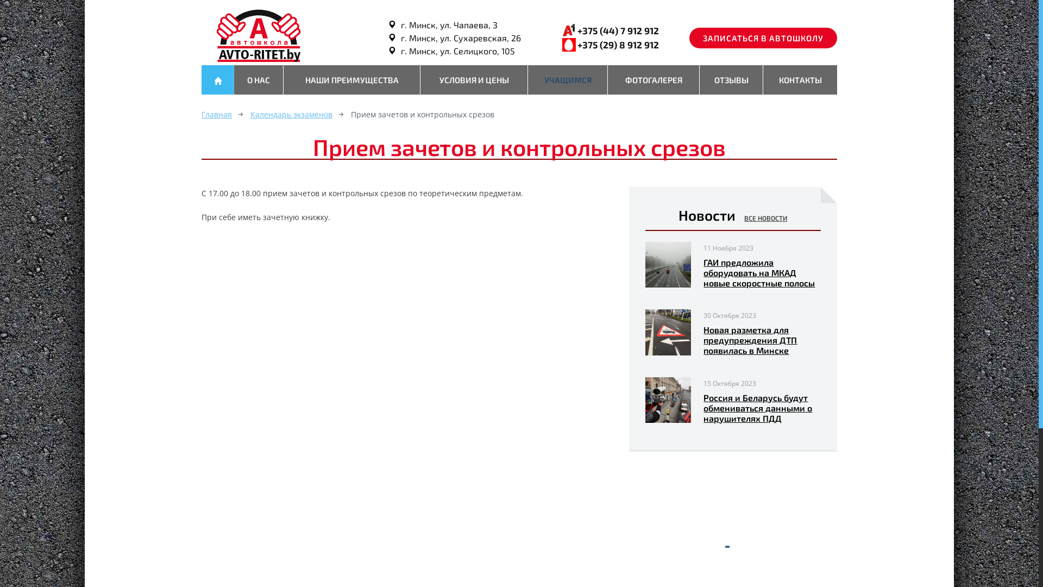 Image resolution: width=1043 pixels, height=587 pixels. Describe the element at coordinates (618, 43) in the screenshot. I see `'+375 (29) 8 912 912'` at that location.